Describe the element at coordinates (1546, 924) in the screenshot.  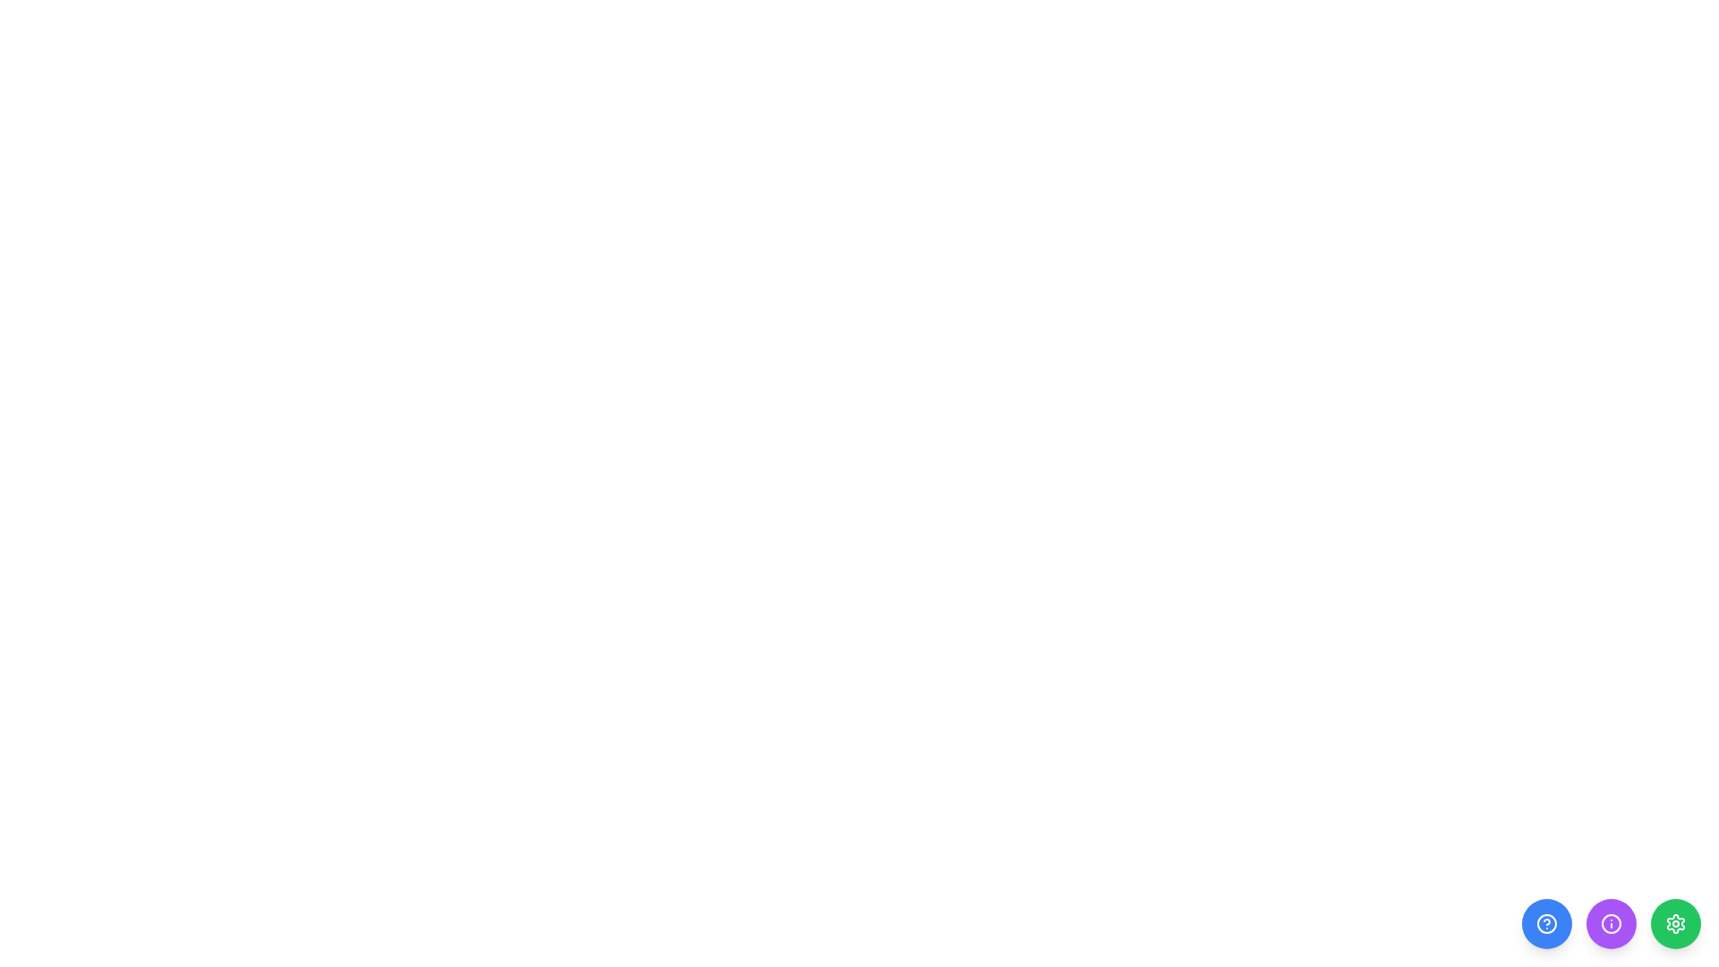
I see `the circular blue button with a white question mark icon located in the bottom-right corner of the interface` at that location.